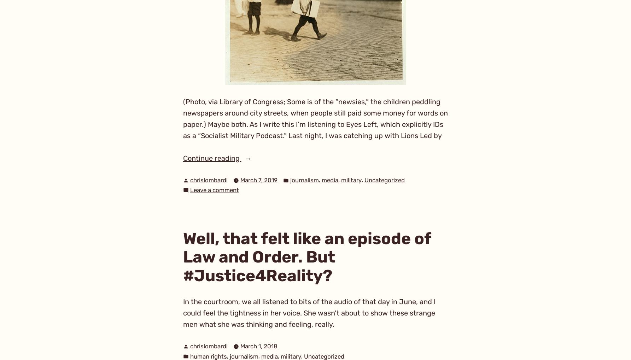  Describe the element at coordinates (315, 118) in the screenshot. I see `'(Photo, via Library of Congress; Some is of the “newsies,” the children peddling newspapers around city streets, when people still paid some money for words on paper.) Maybe both. As I write this I’m listening to Eyes Left, which explicitly IDs as a “Socialist Military Podcast.” Last night, I was catching up with Lions Led by'` at that location.